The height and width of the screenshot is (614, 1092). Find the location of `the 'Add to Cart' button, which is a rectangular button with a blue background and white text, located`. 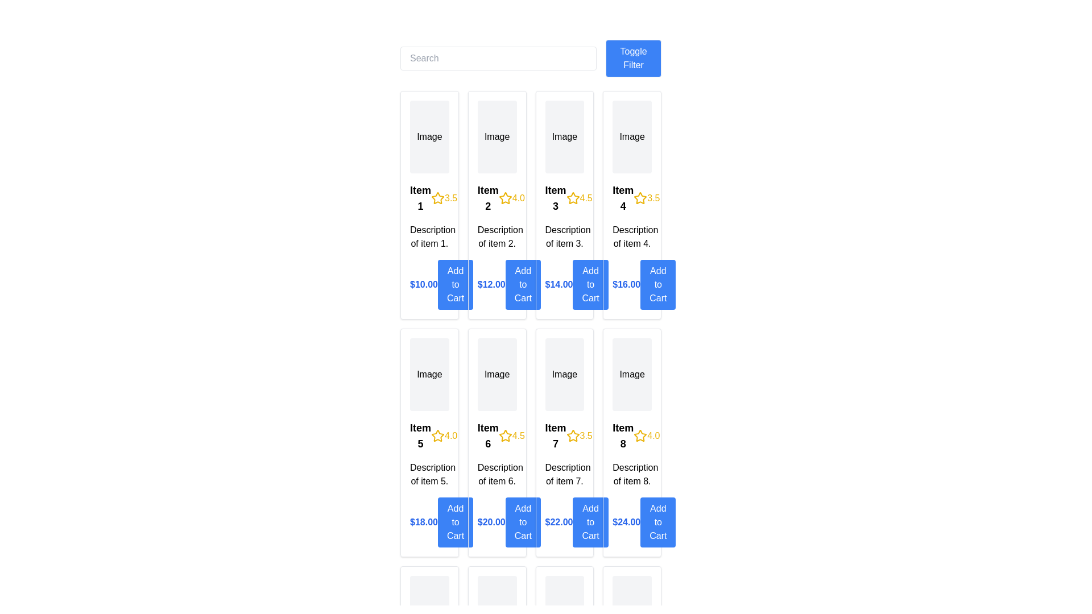

the 'Add to Cart' button, which is a rectangular button with a blue background and white text, located is located at coordinates (522, 522).